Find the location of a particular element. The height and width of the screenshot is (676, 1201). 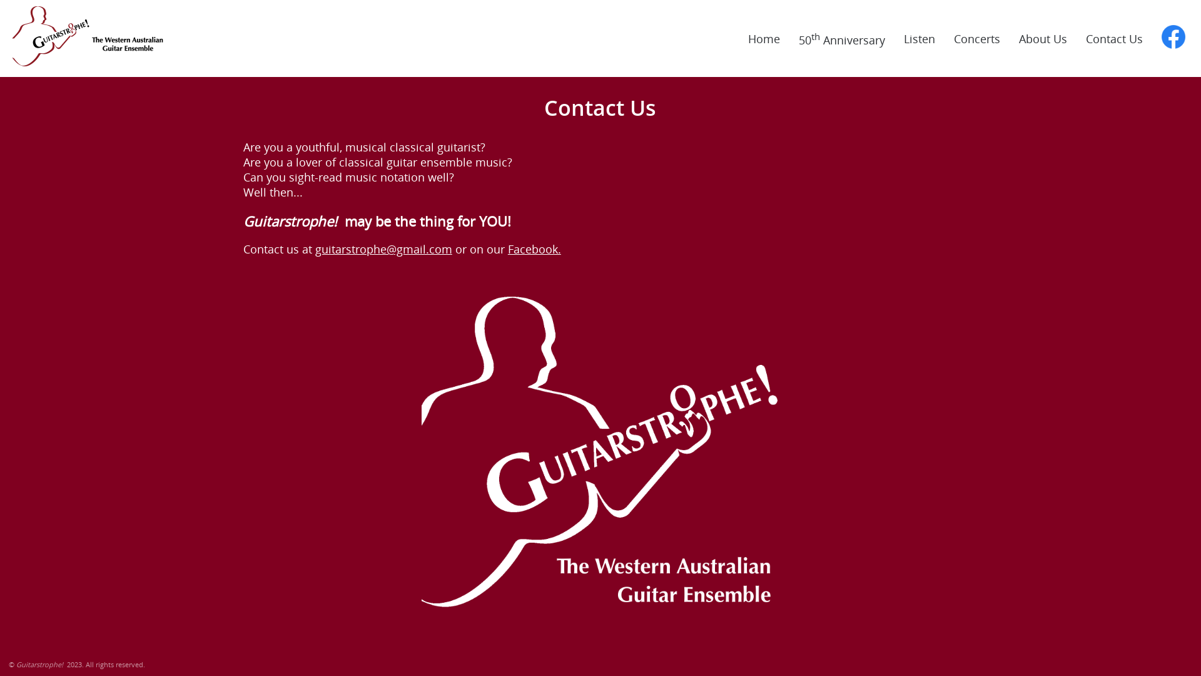

'Home' is located at coordinates (763, 38).